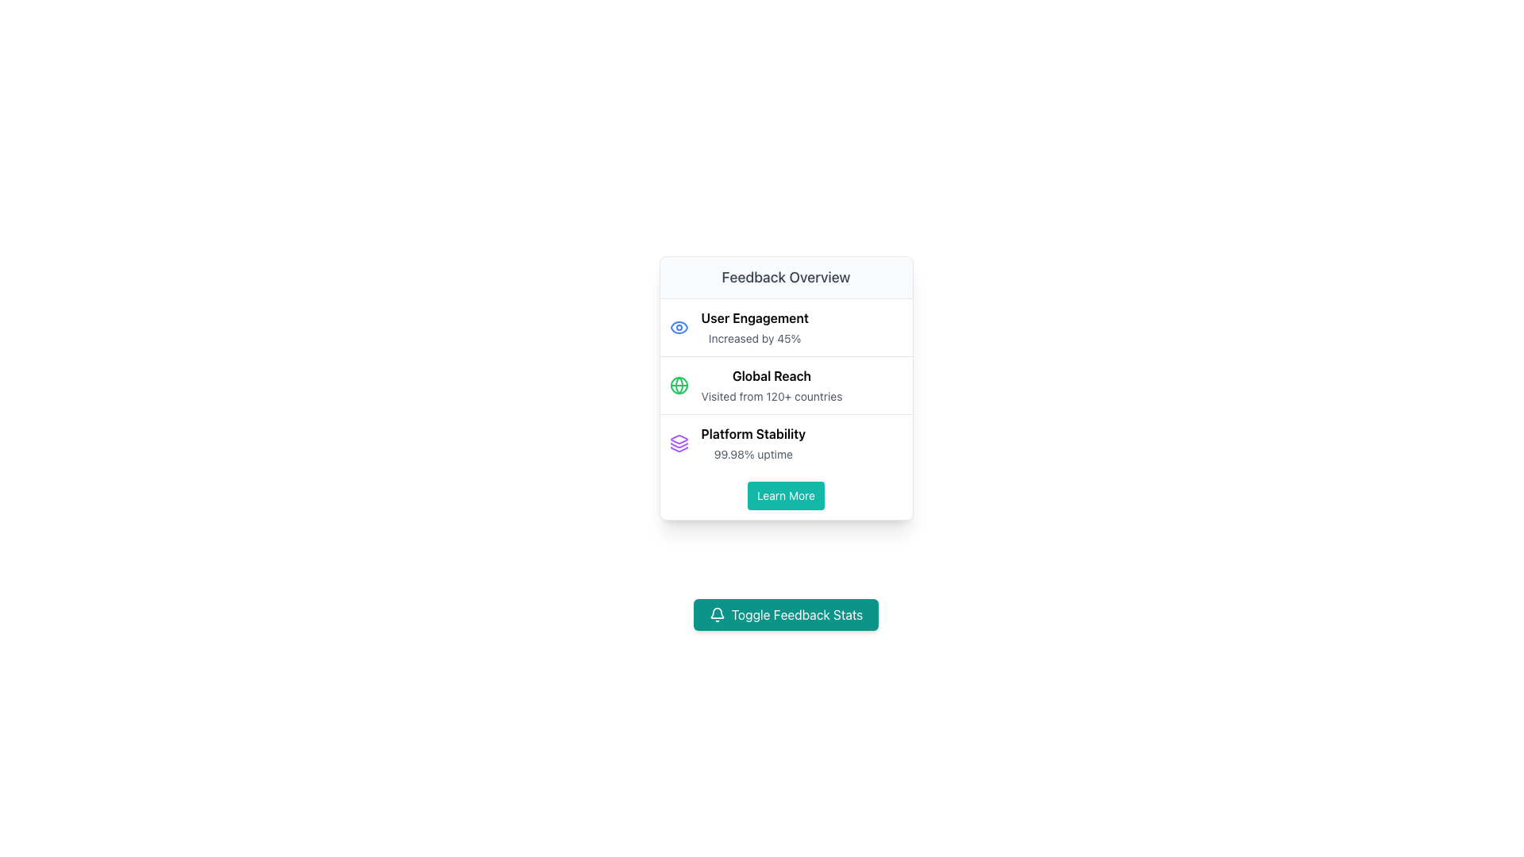 Image resolution: width=1524 pixels, height=857 pixels. I want to click on the text label displaying the uptime percentage related to platform stability in the 'Feedback Overview' section, located beneath 'Platform Stability', so click(752, 455).